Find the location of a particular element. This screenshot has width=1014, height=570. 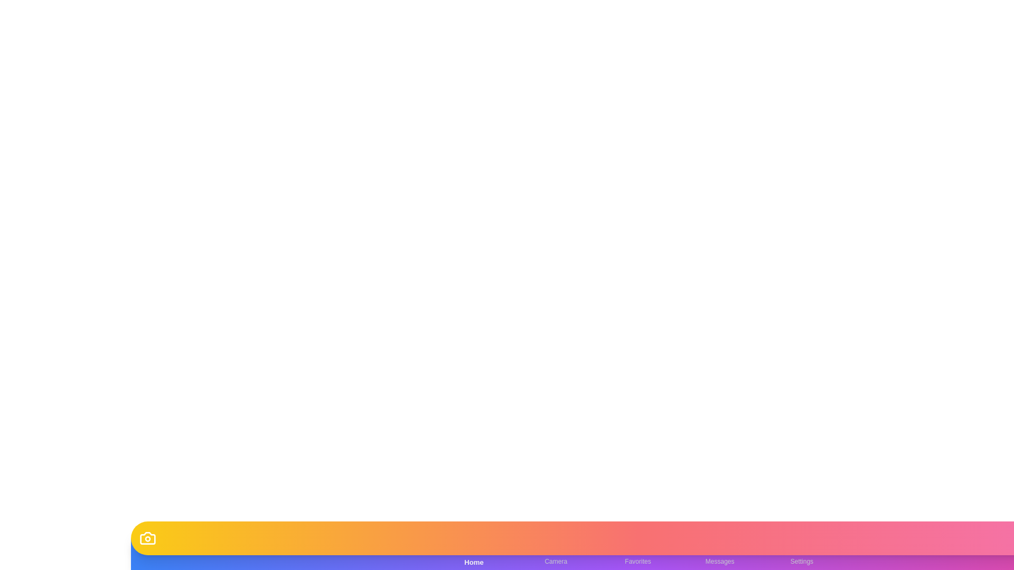

the Messages button to observe its hover effect is located at coordinates (719, 553).